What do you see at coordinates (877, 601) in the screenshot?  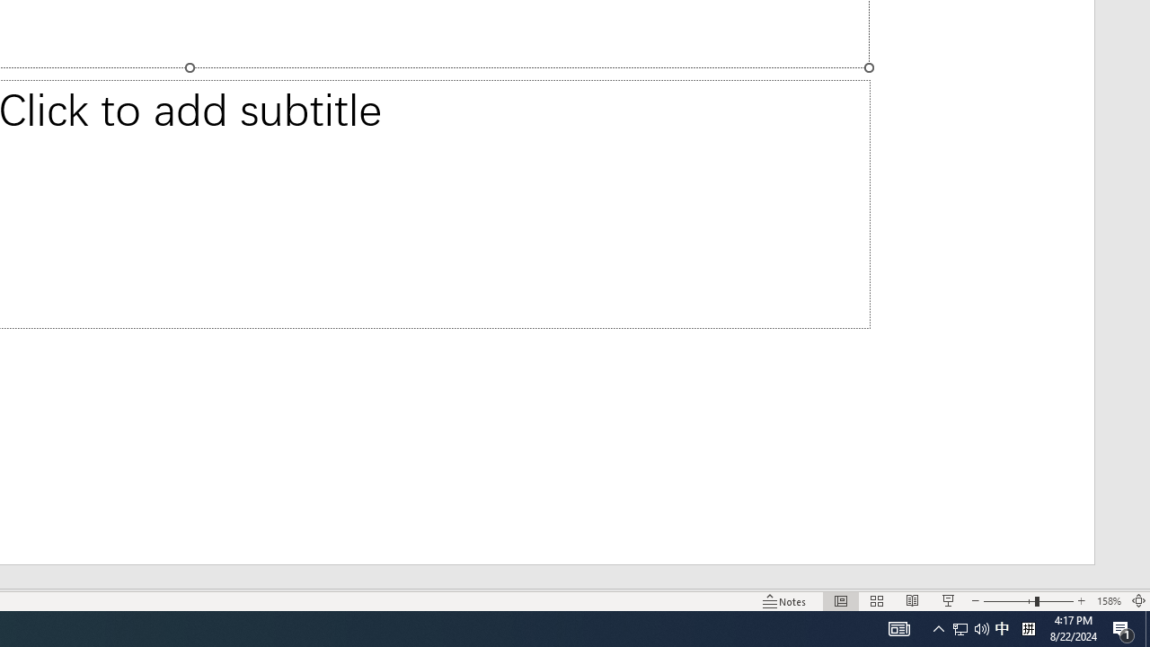 I see `'Slide Sorter'` at bounding box center [877, 601].